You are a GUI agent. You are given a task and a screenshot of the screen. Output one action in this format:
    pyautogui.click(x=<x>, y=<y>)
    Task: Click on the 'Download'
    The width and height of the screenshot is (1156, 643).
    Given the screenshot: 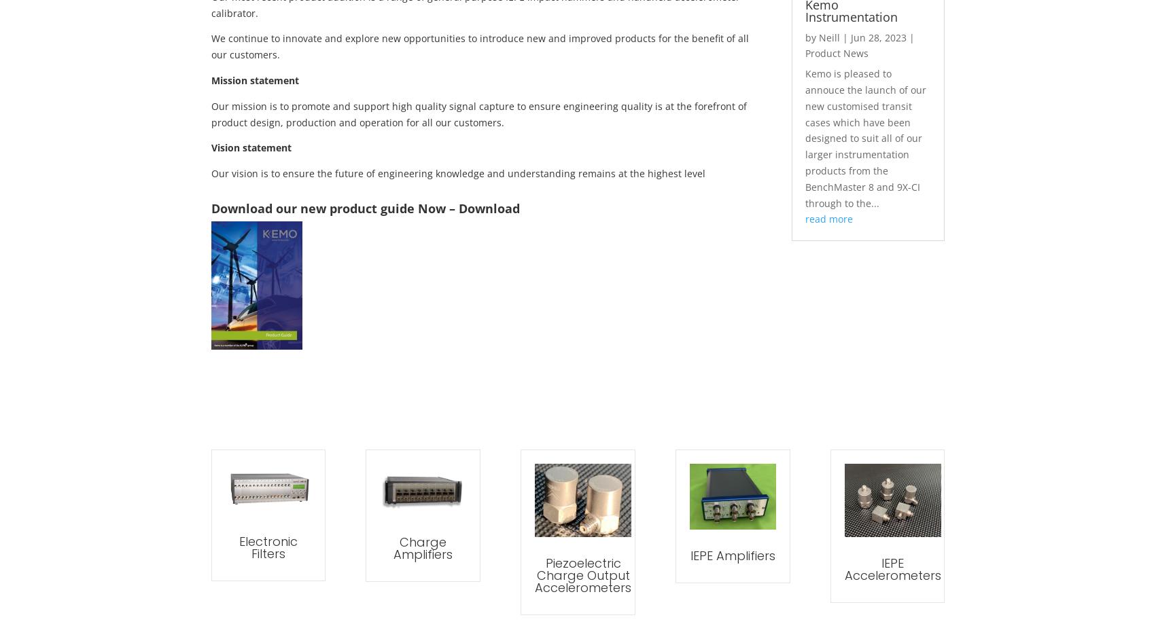 What is the action you would take?
    pyautogui.click(x=488, y=206)
    